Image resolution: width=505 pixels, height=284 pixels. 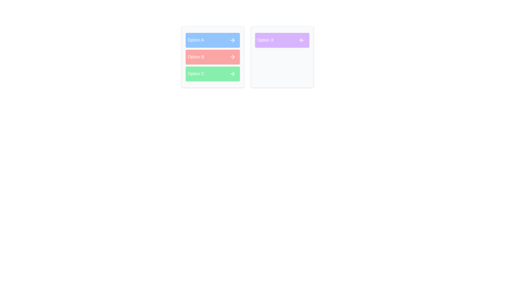 I want to click on the background of the component to deselect any highlighted elements, so click(x=131, y=131).